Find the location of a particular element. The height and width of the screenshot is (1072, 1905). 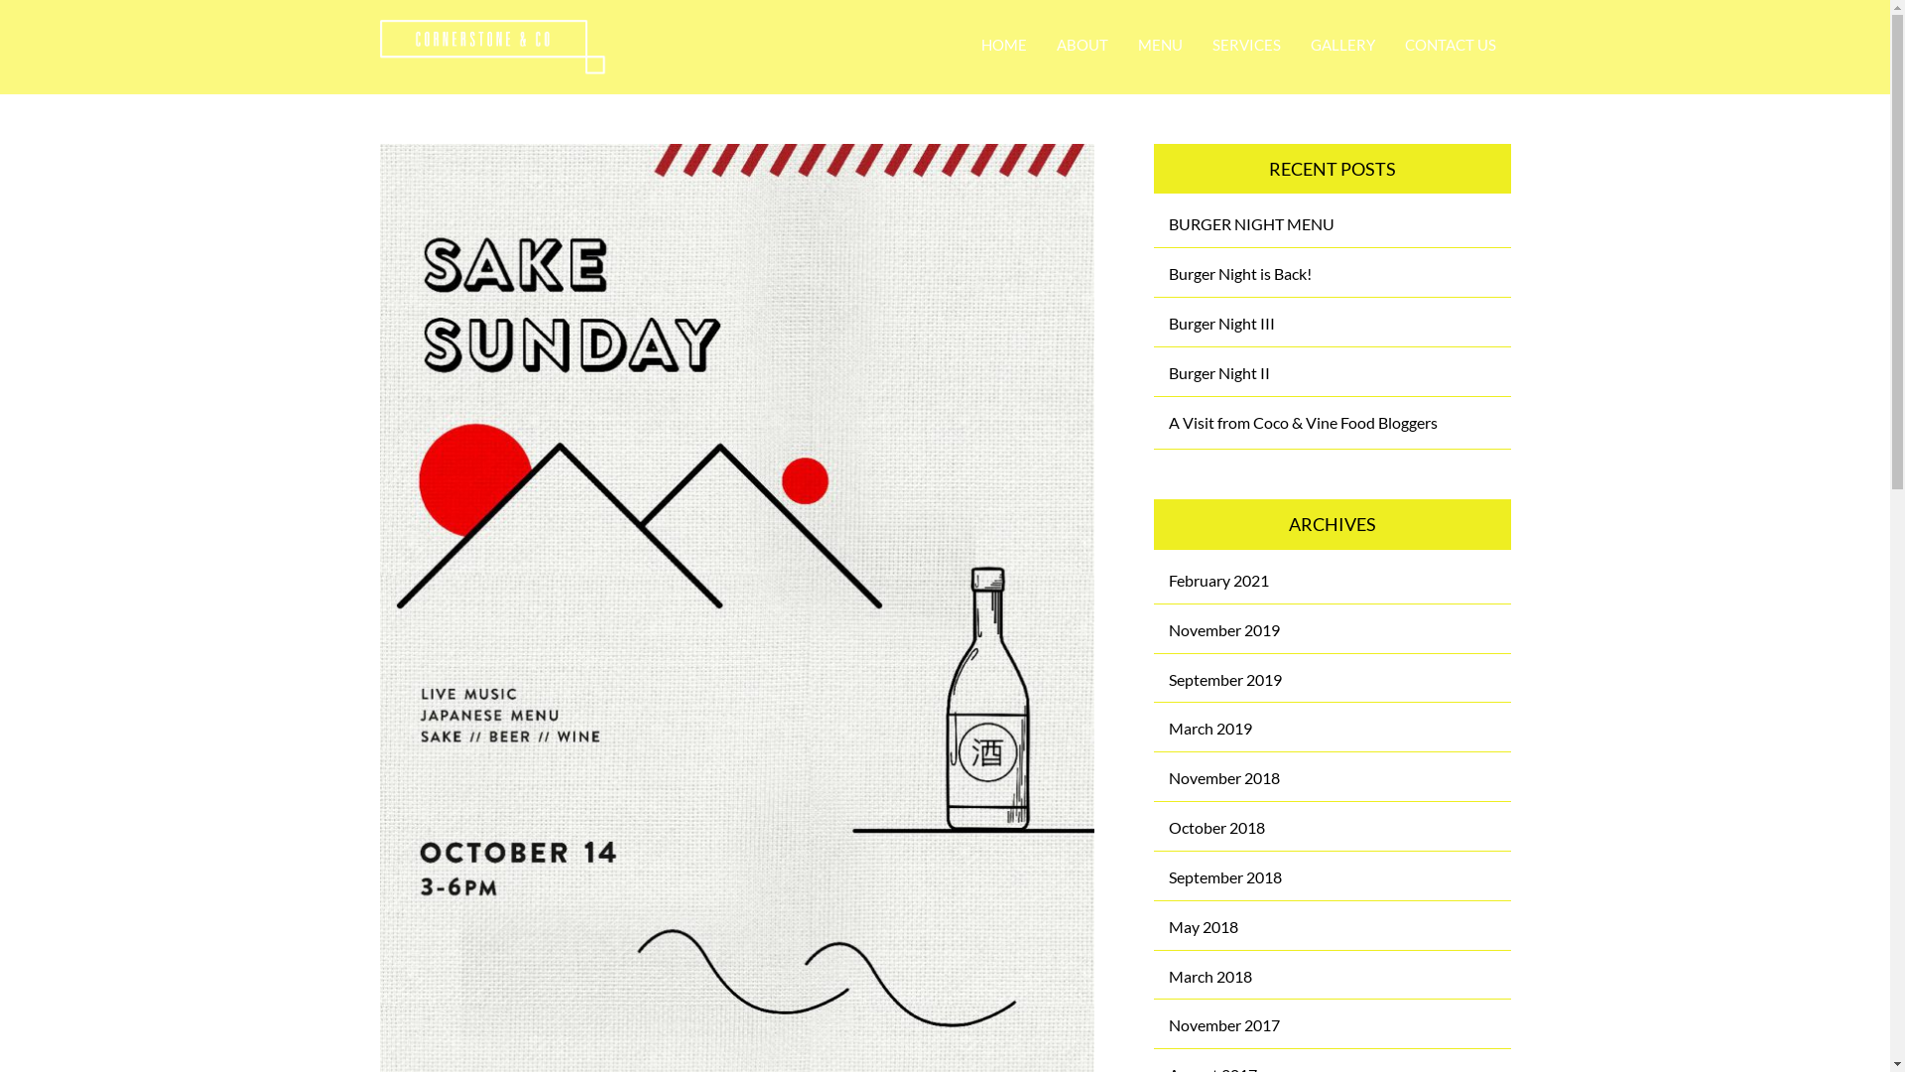

'CONTACT US' is located at coordinates (1388, 45).